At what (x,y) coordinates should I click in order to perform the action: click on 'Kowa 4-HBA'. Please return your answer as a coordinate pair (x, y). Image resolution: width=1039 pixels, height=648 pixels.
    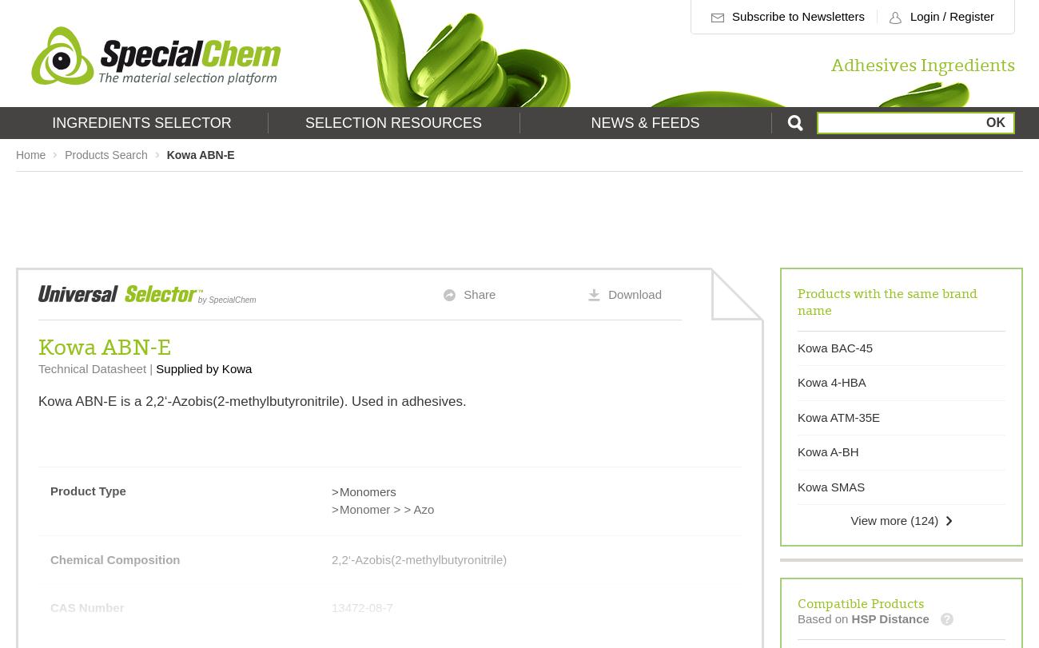
    Looking at the image, I should click on (797, 381).